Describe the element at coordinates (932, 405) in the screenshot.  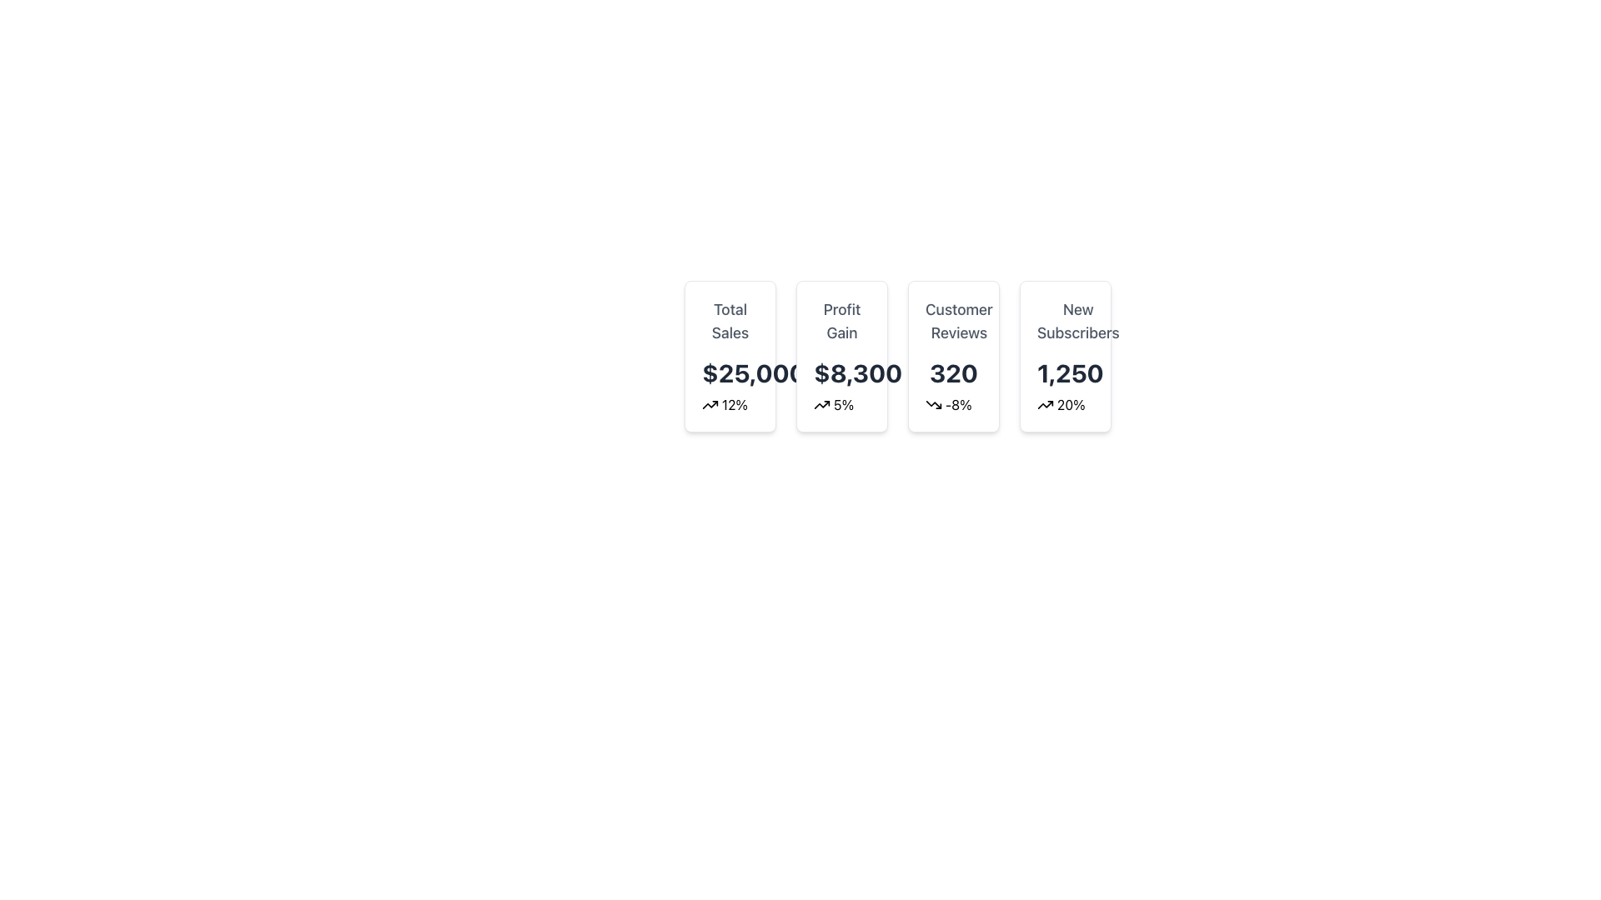
I see `the Decorative Icon, which is a downward trending arrow with a zigzag pattern, located in the lower left corner of the 'Customer Reviews' card, below the numerical value and next to a red color code indicating a negative percentage` at that location.